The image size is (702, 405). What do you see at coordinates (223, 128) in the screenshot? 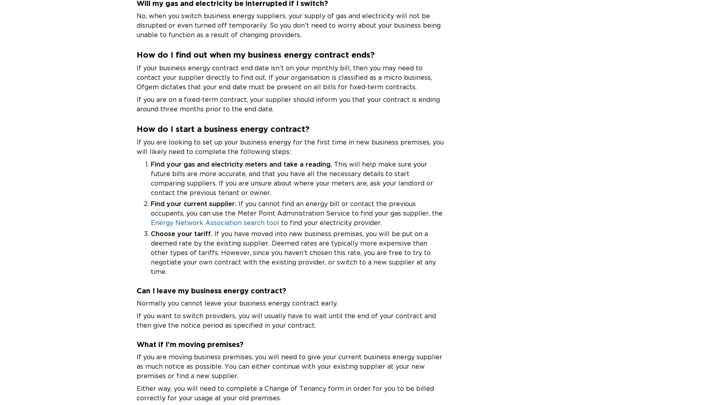
I see `'How do I start a business energy contract?'` at bounding box center [223, 128].